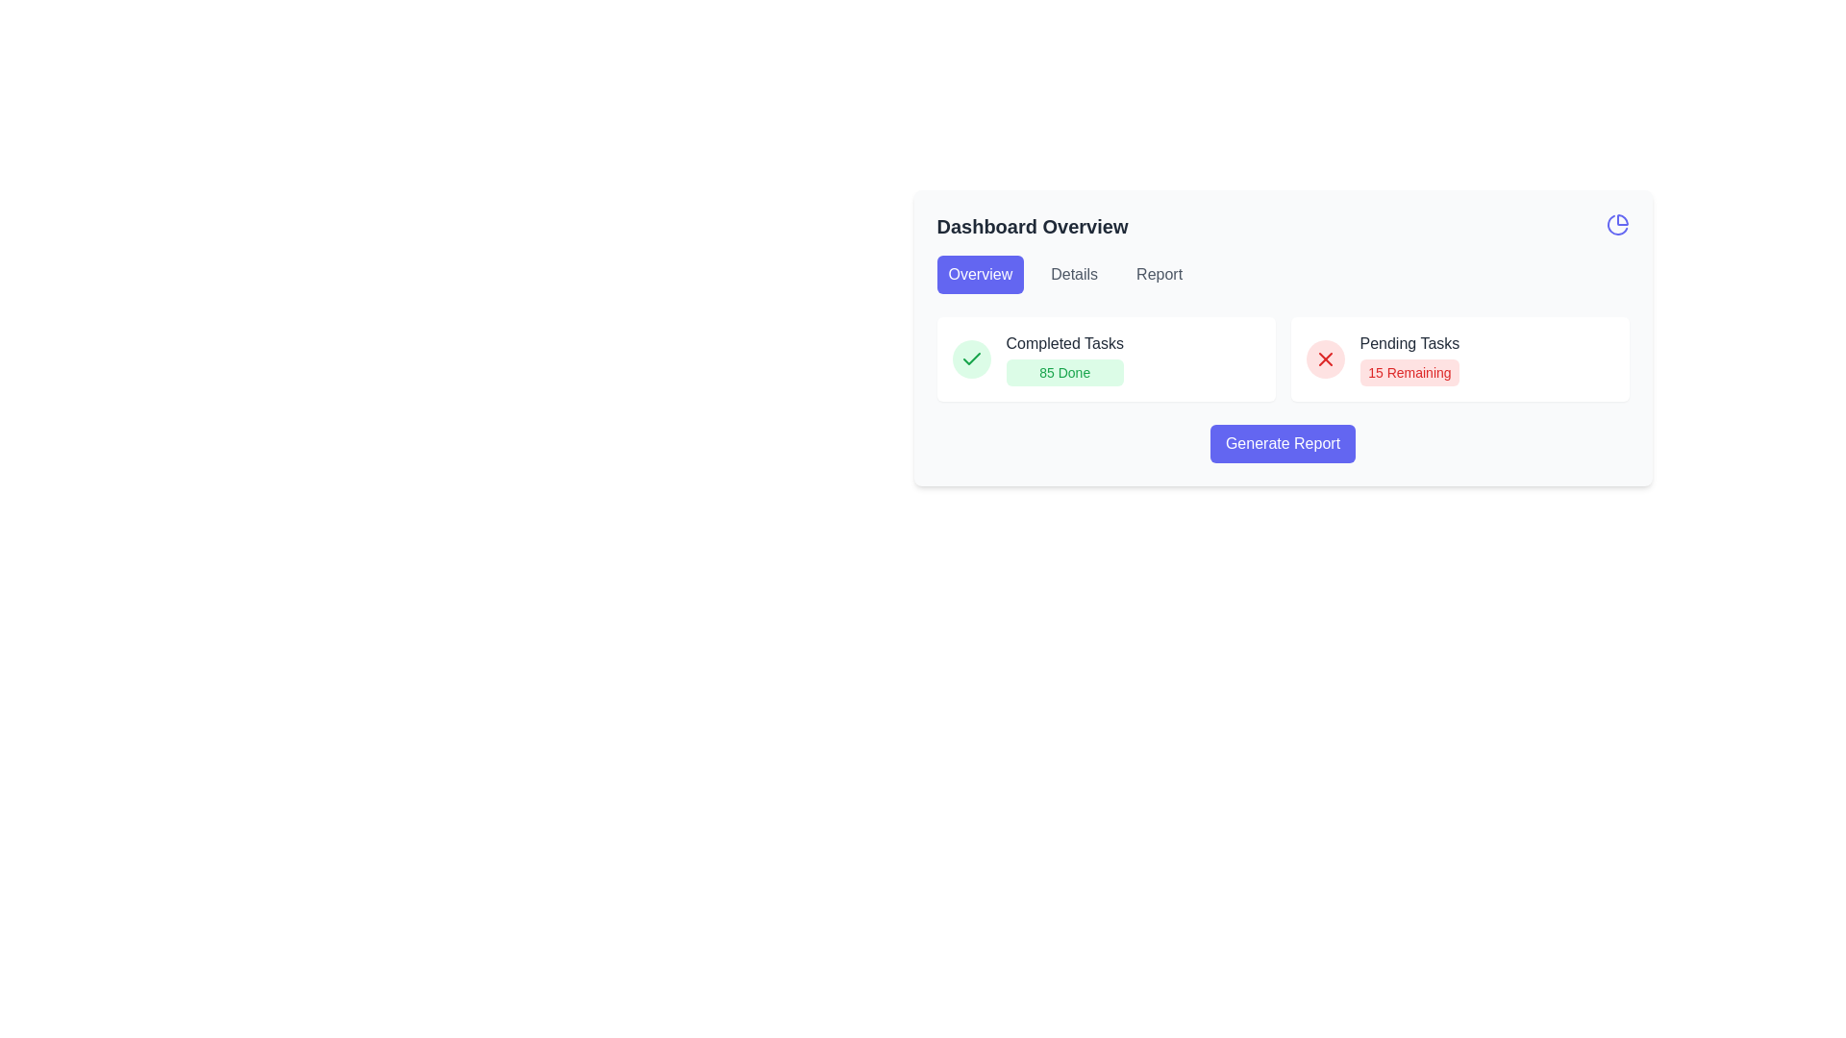 The image size is (1846, 1038). I want to click on the label indicating the number of pending tasks, which is located below the 'Pending Tasks' text and to the right of the 'Completed Tasks' section within the task information UI card, so click(1409, 373).